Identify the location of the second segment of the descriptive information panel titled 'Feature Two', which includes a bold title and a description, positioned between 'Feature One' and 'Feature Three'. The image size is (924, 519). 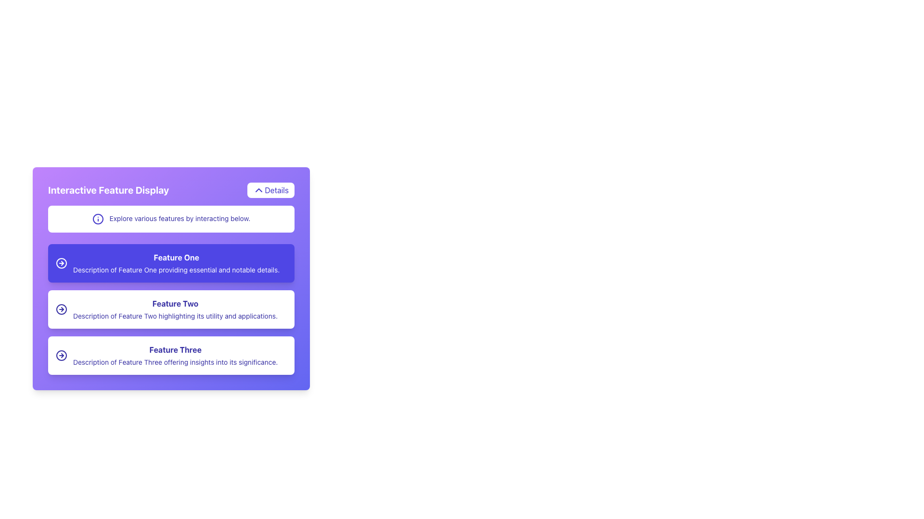
(171, 309).